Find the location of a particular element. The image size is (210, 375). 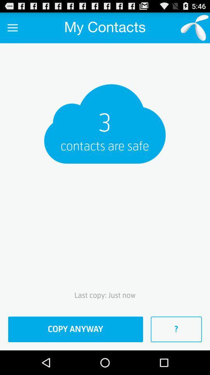

the  ? is located at coordinates (176, 329).